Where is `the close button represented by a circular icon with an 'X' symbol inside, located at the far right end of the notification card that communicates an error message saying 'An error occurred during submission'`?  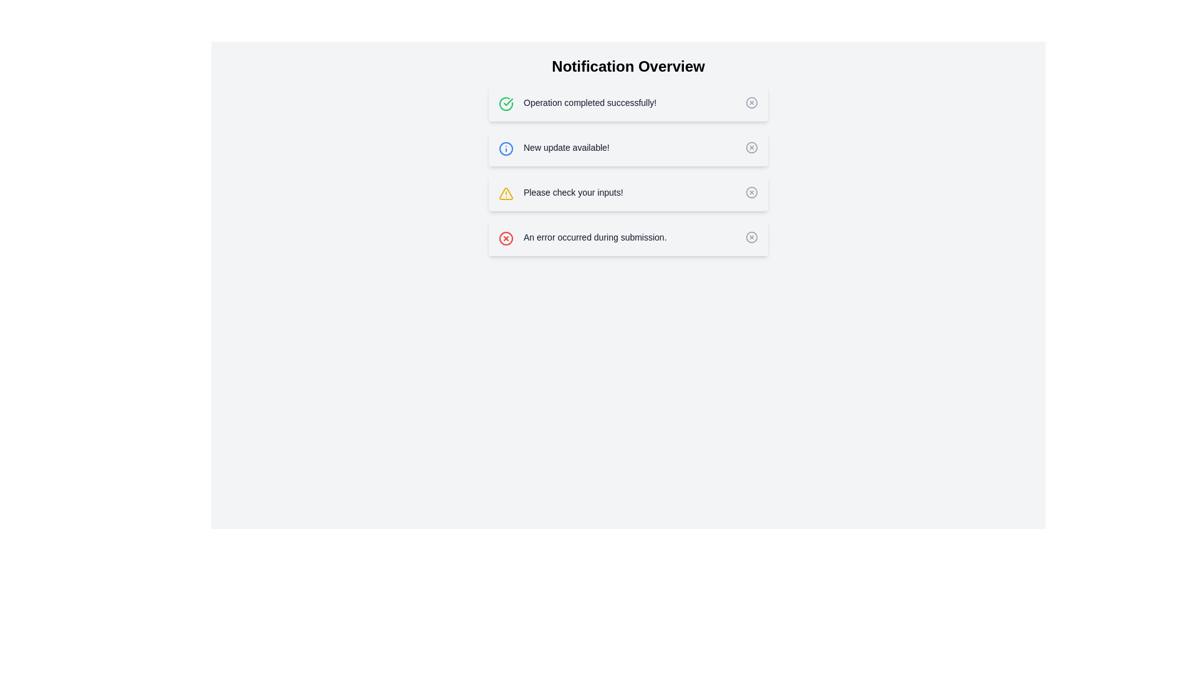 the close button represented by a circular icon with an 'X' symbol inside, located at the far right end of the notification card that communicates an error message saying 'An error occurred during submission' is located at coordinates (751, 237).